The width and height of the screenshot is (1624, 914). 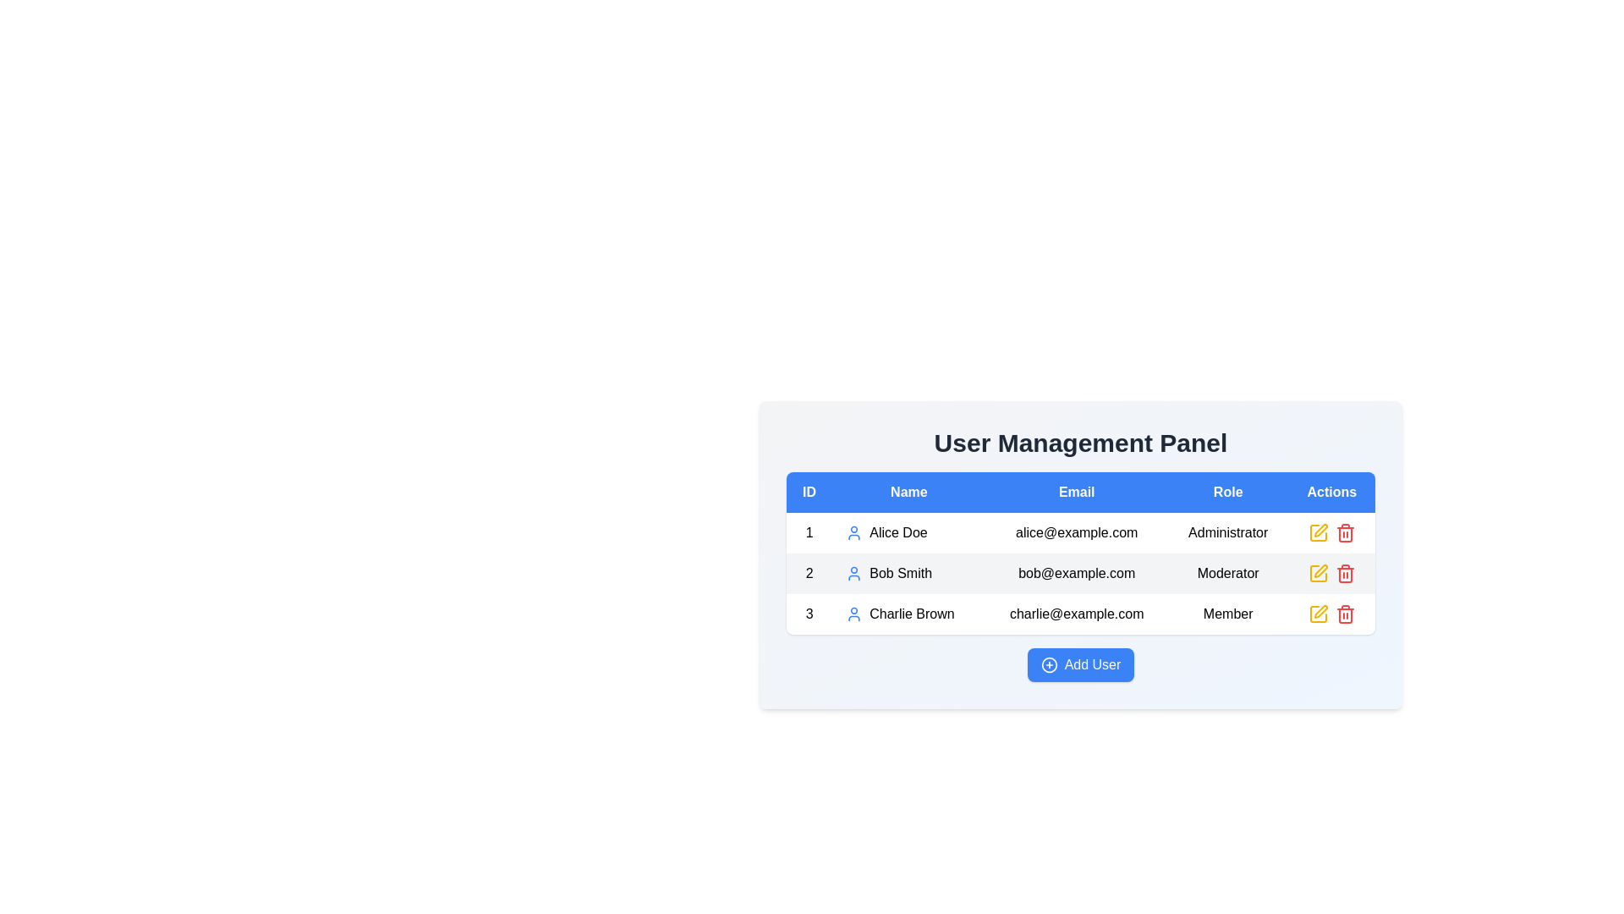 What do you see at coordinates (1079, 573) in the screenshot?
I see `the second row in the data table that contains information such as '2', 'Bob Smith', 'bob@example.com', and 'Moderator' for further actions` at bounding box center [1079, 573].